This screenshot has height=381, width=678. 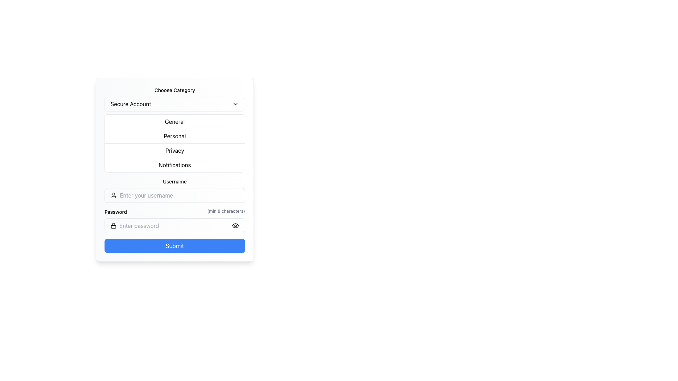 I want to click on the decorative and functional prefix icon located on the left side of the 'Username' input field, which visually indicates the input field relates to user identification, so click(x=114, y=195).